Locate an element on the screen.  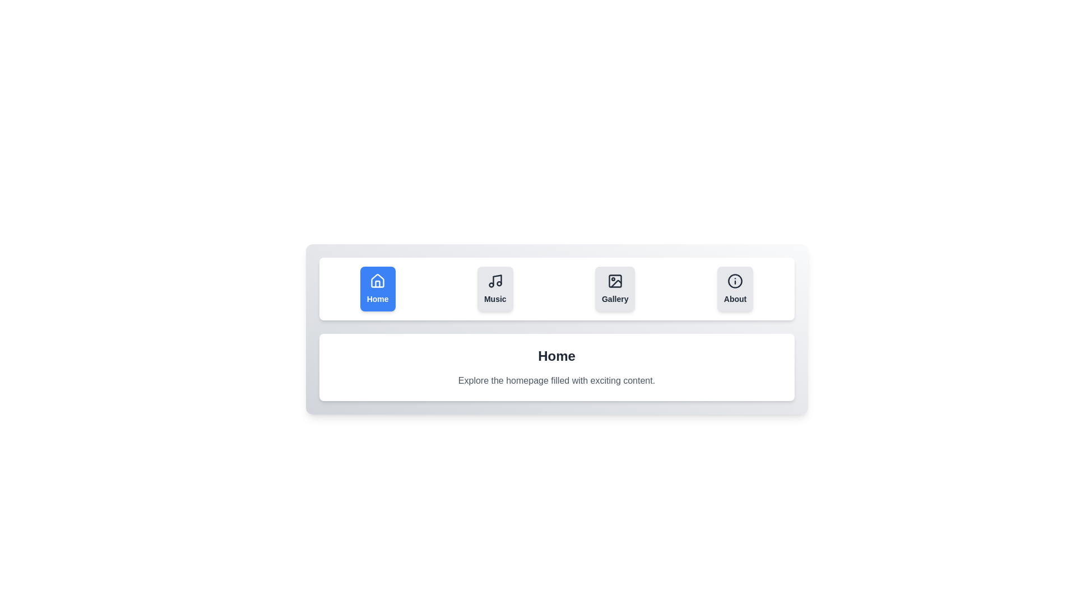
the tab button labeled Music is located at coordinates (494, 288).